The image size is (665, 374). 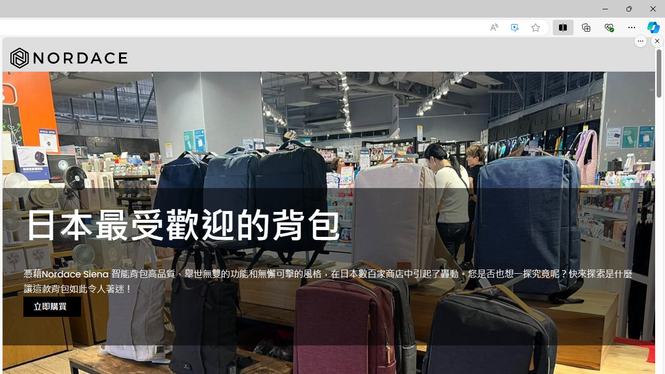 I want to click on 'Read aloud this page (Ctrl+Shift+U)', so click(x=494, y=27).